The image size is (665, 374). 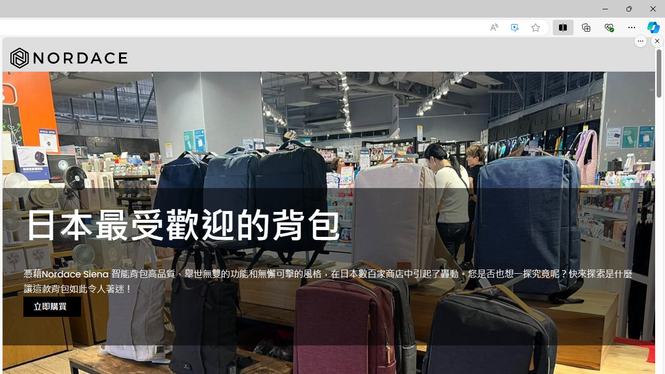 I want to click on 'Read aloud this page (Ctrl+Shift+U)', so click(x=494, y=27).